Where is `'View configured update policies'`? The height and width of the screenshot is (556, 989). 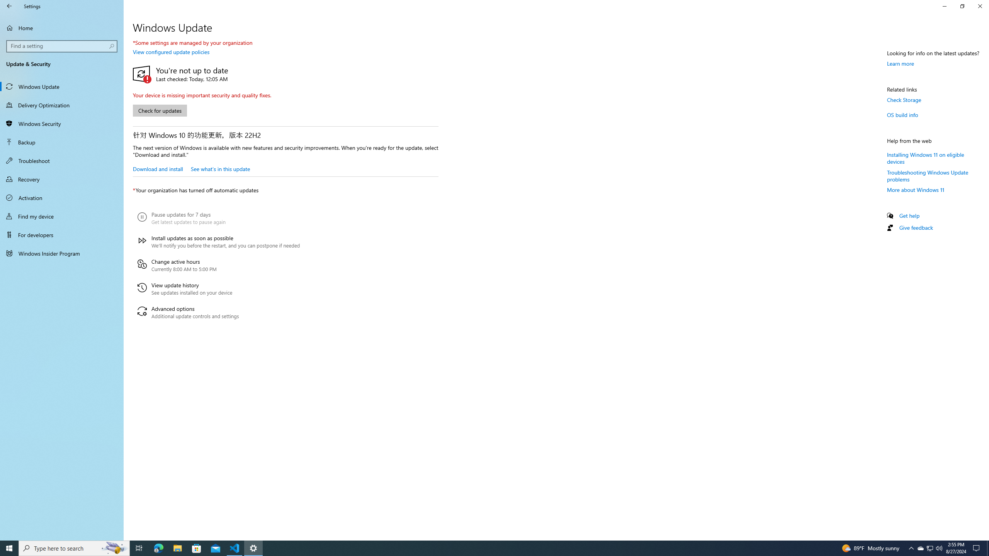
'View configured update policies' is located at coordinates (170, 52).